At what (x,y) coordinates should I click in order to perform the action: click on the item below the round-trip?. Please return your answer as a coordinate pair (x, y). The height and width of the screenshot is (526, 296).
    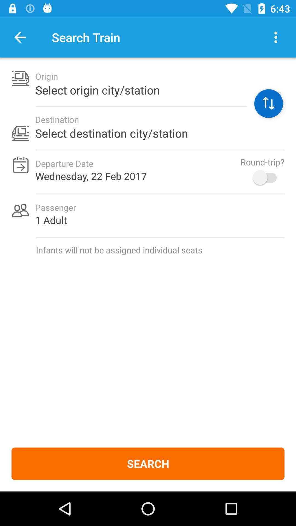
    Looking at the image, I should click on (267, 178).